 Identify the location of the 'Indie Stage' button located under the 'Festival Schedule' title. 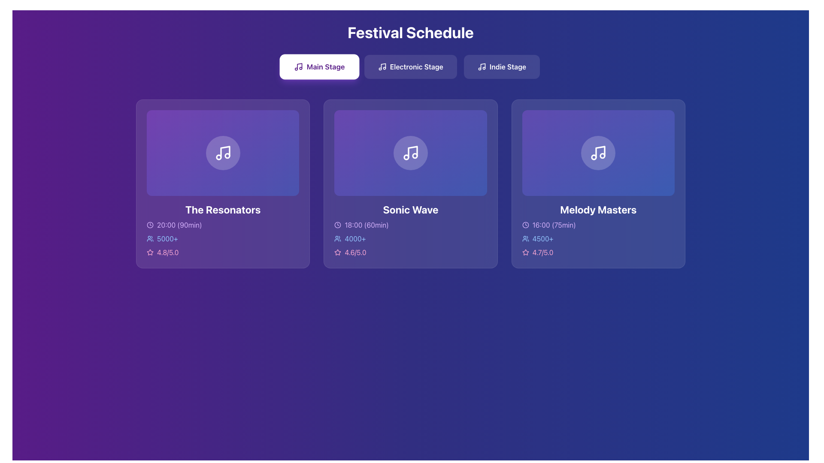
(502, 66).